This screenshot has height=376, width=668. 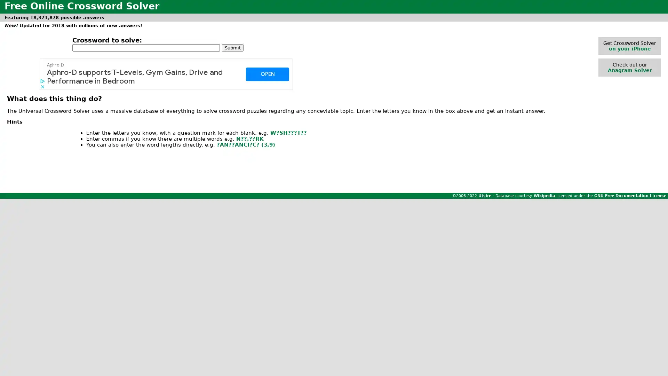 What do you see at coordinates (232, 47) in the screenshot?
I see `Submit` at bounding box center [232, 47].